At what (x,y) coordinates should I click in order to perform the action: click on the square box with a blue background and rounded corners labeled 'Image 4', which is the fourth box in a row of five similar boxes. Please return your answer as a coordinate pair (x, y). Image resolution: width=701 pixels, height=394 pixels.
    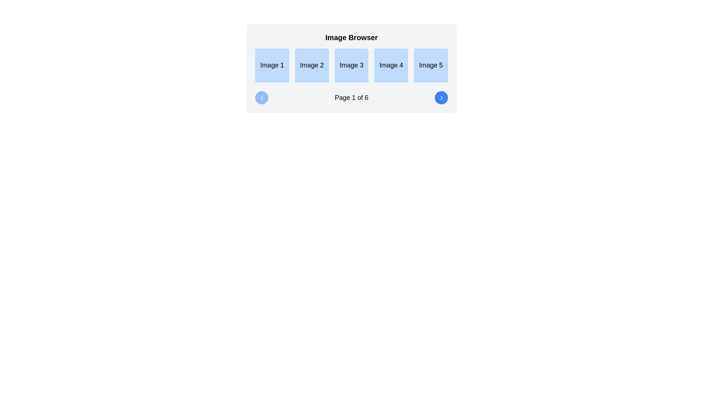
    Looking at the image, I should click on (391, 65).